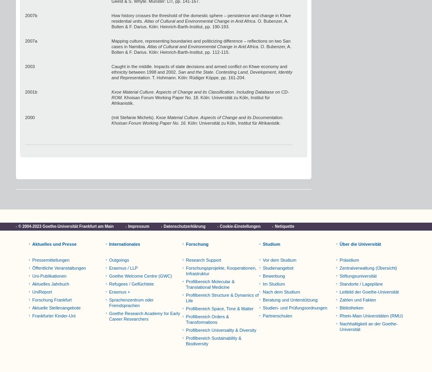 This screenshot has height=372, width=432. Describe the element at coordinates (54, 244) in the screenshot. I see `'Aktuelles und Presse'` at that location.